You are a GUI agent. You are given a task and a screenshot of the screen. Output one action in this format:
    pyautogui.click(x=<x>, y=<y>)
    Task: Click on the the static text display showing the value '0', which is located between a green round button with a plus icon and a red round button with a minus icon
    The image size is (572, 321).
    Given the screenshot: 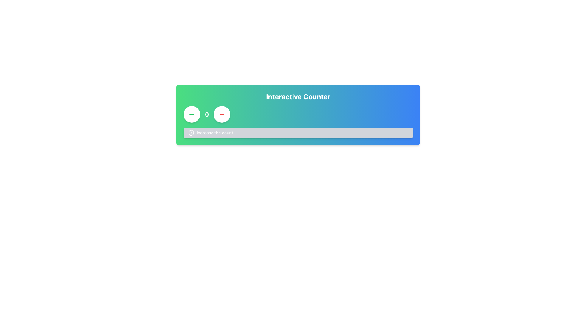 What is the action you would take?
    pyautogui.click(x=207, y=114)
    